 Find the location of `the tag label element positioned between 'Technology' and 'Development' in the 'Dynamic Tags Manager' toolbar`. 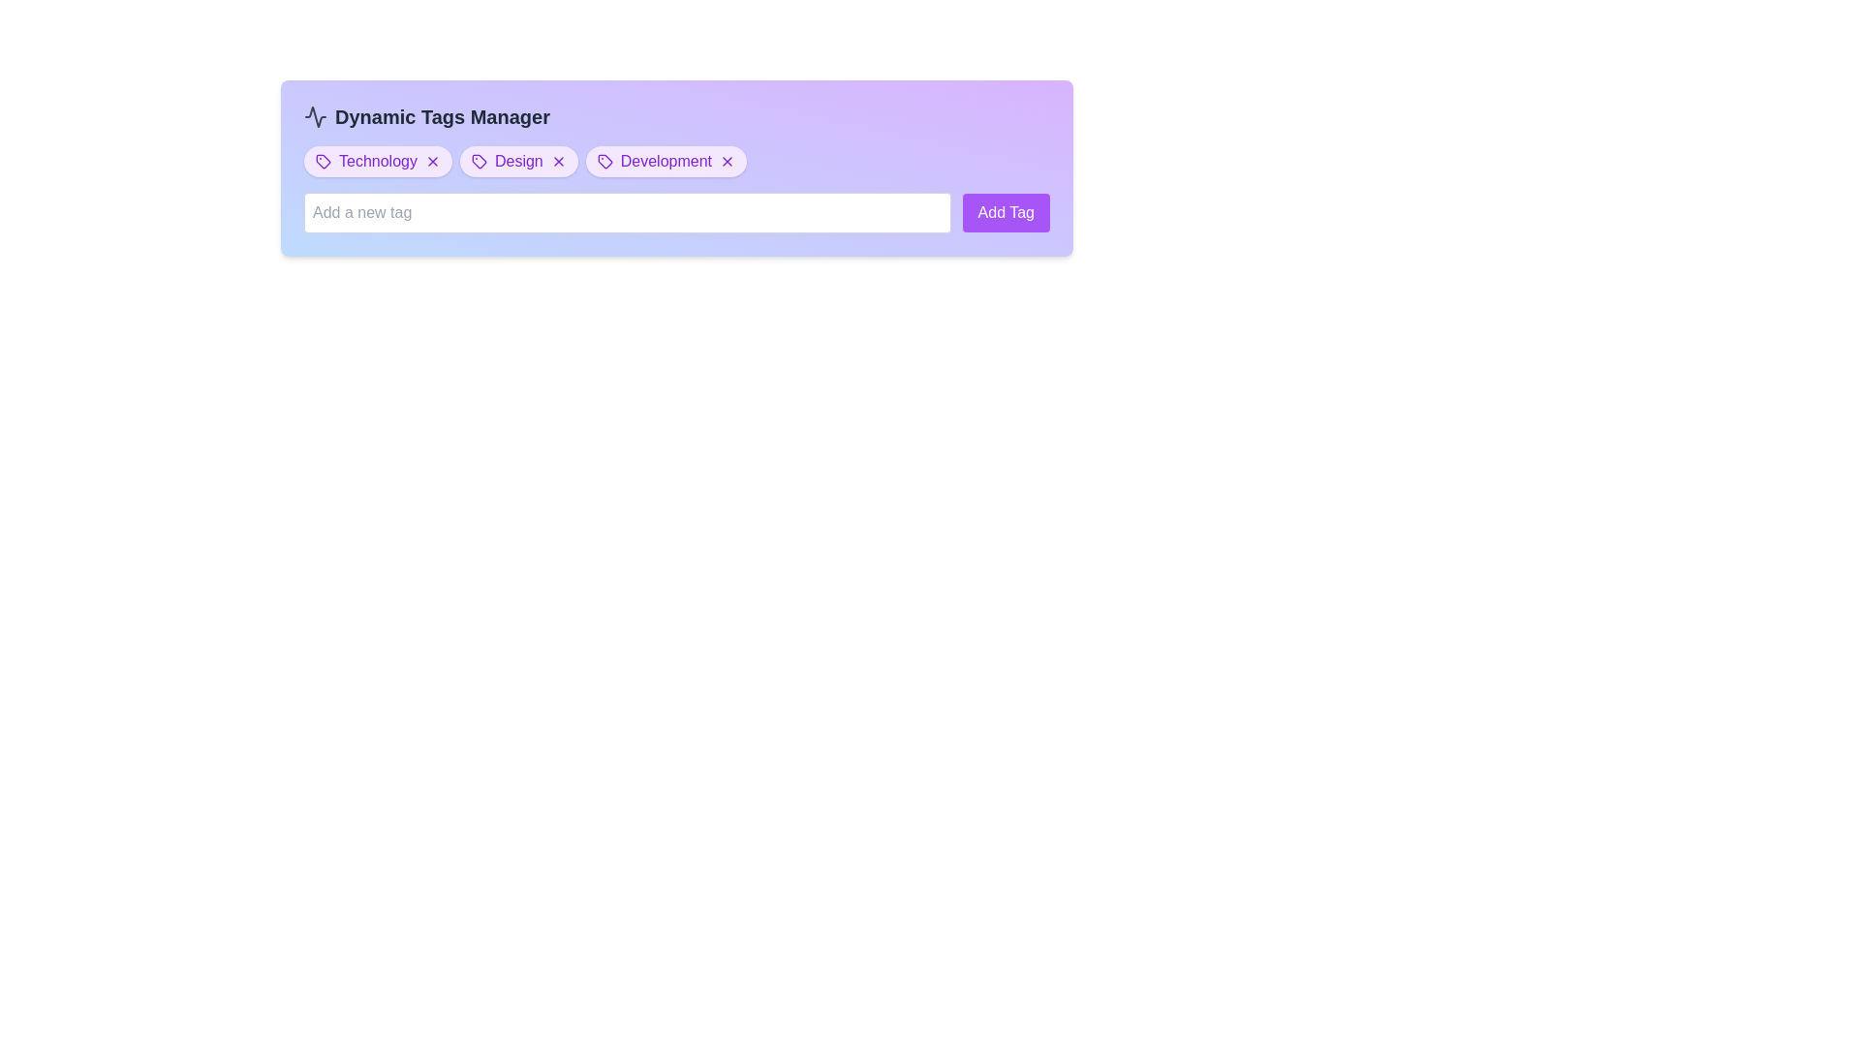

the tag label element positioned between 'Technology' and 'Development' in the 'Dynamic Tags Manager' toolbar is located at coordinates (518, 160).